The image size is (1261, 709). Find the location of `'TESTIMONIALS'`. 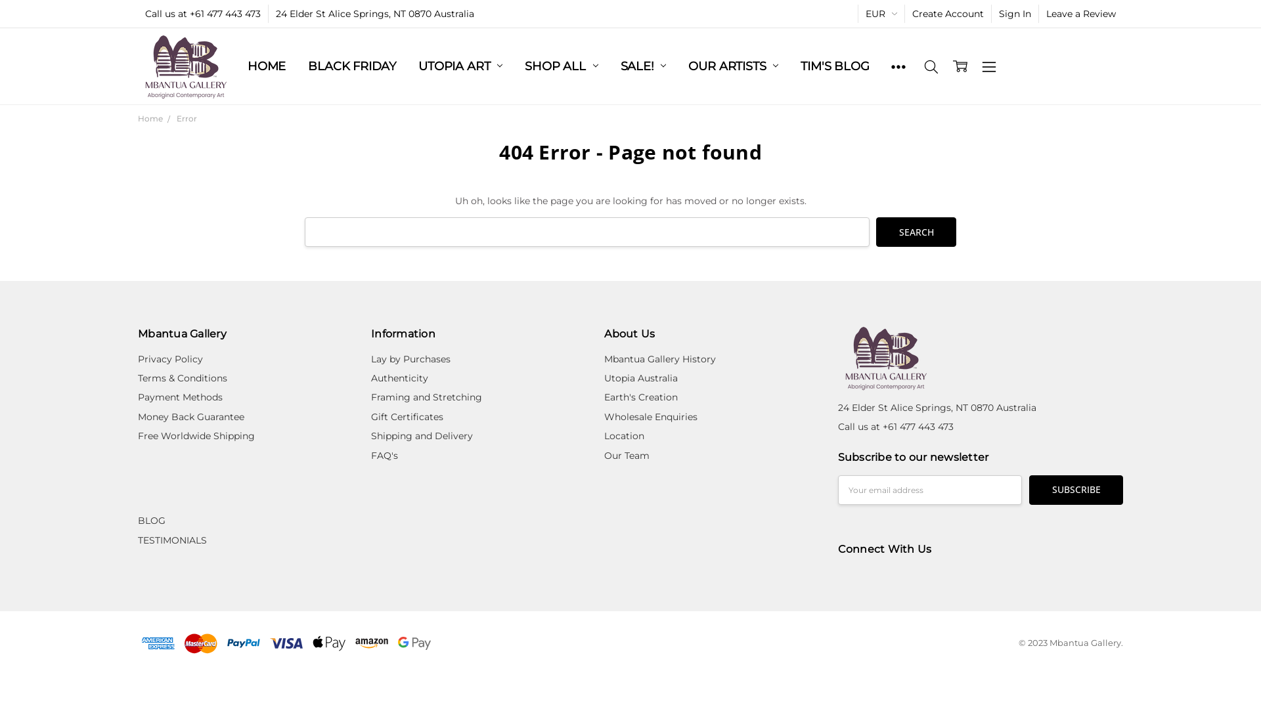

'TESTIMONIALS' is located at coordinates (138, 540).